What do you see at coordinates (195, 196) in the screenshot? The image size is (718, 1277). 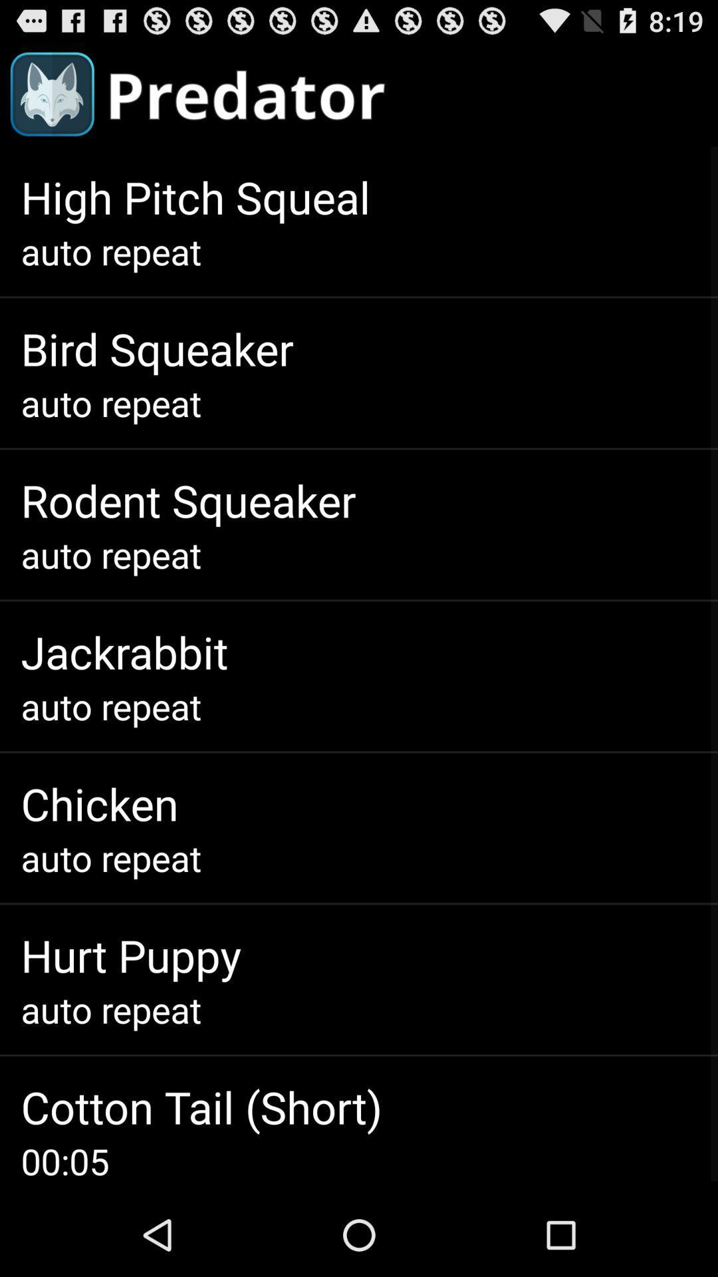 I see `app above auto repeat icon` at bounding box center [195, 196].